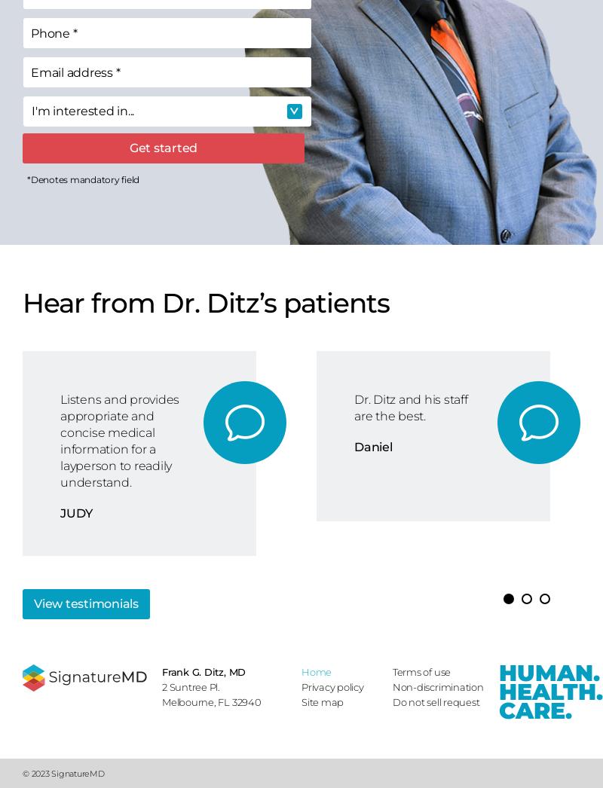  Describe the element at coordinates (421, 672) in the screenshot. I see `'Terms of use'` at that location.